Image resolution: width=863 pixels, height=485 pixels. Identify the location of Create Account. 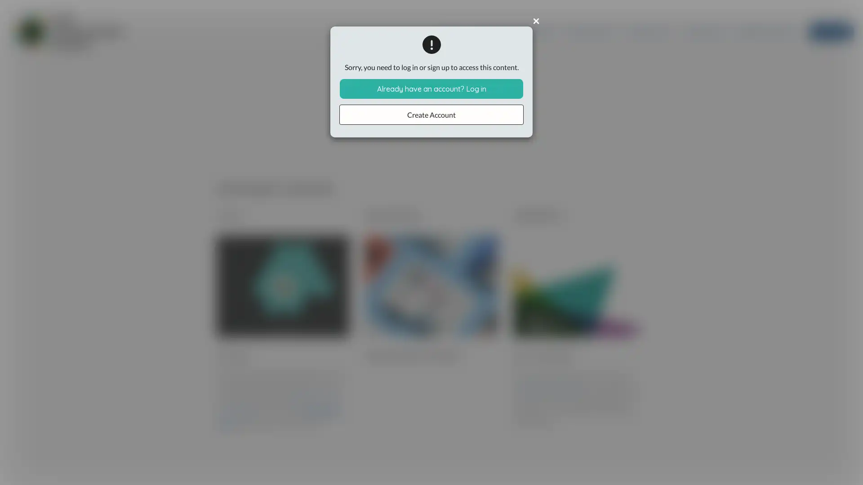
(431, 114).